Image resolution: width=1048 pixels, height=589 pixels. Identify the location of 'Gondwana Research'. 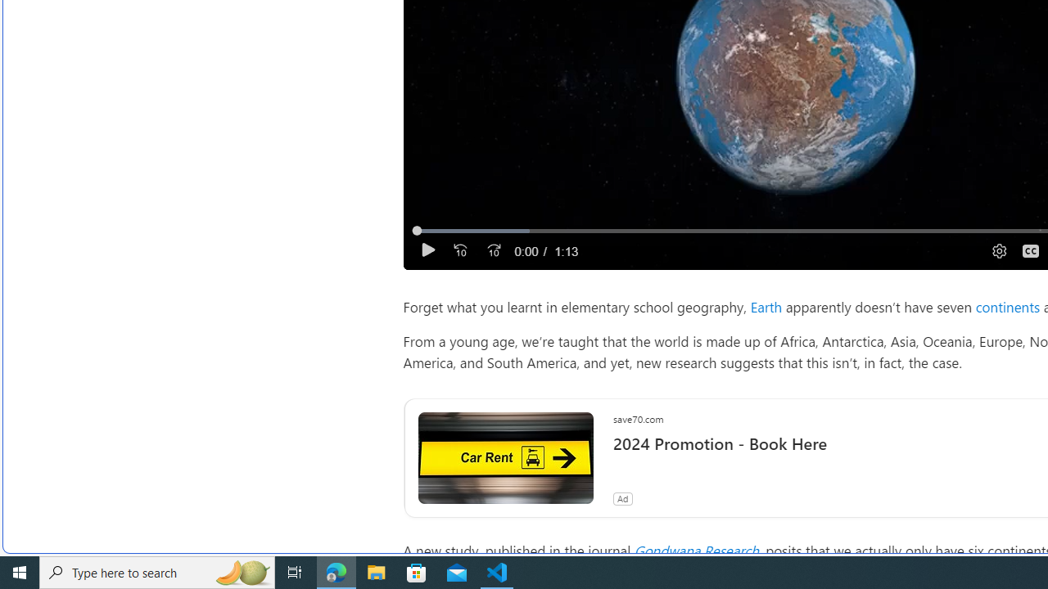
(696, 550).